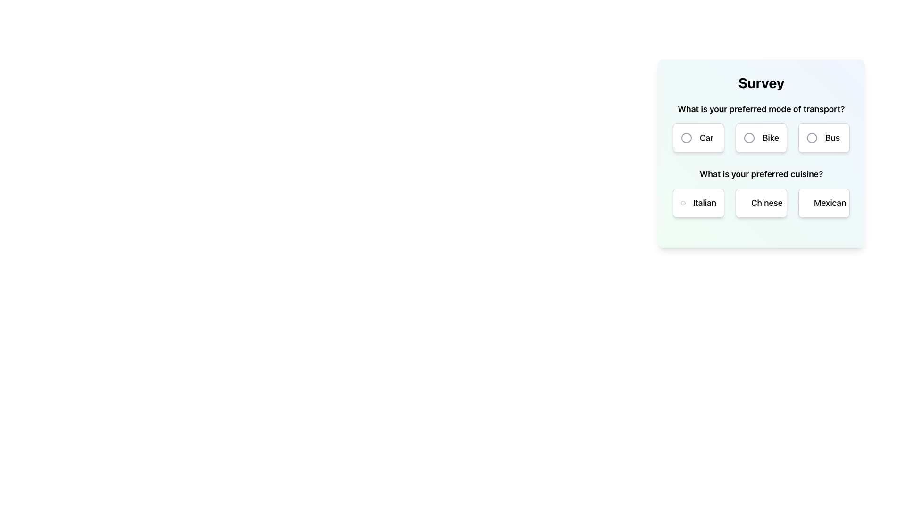 Image resolution: width=906 pixels, height=509 pixels. Describe the element at coordinates (686, 138) in the screenshot. I see `the state of the radio button indicator for the 'Car' option in the survey question 'What is your preferred mode of transport?'` at that location.